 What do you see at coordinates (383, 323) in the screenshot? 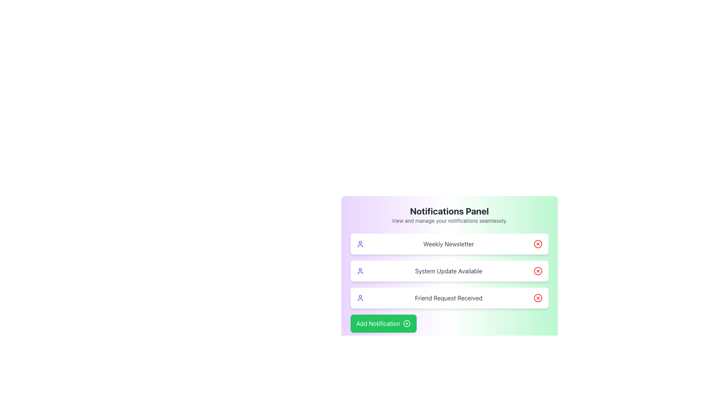
I see `the 'Add Notification' button located at the bottom of the notifications panel to observe the color change` at bounding box center [383, 323].